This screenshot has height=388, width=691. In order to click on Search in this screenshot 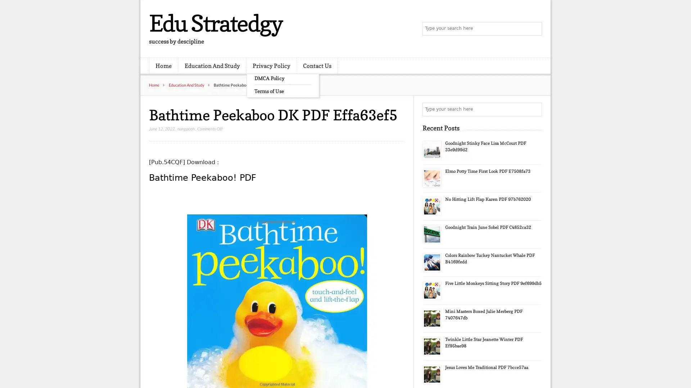, I will do `click(534, 29)`.